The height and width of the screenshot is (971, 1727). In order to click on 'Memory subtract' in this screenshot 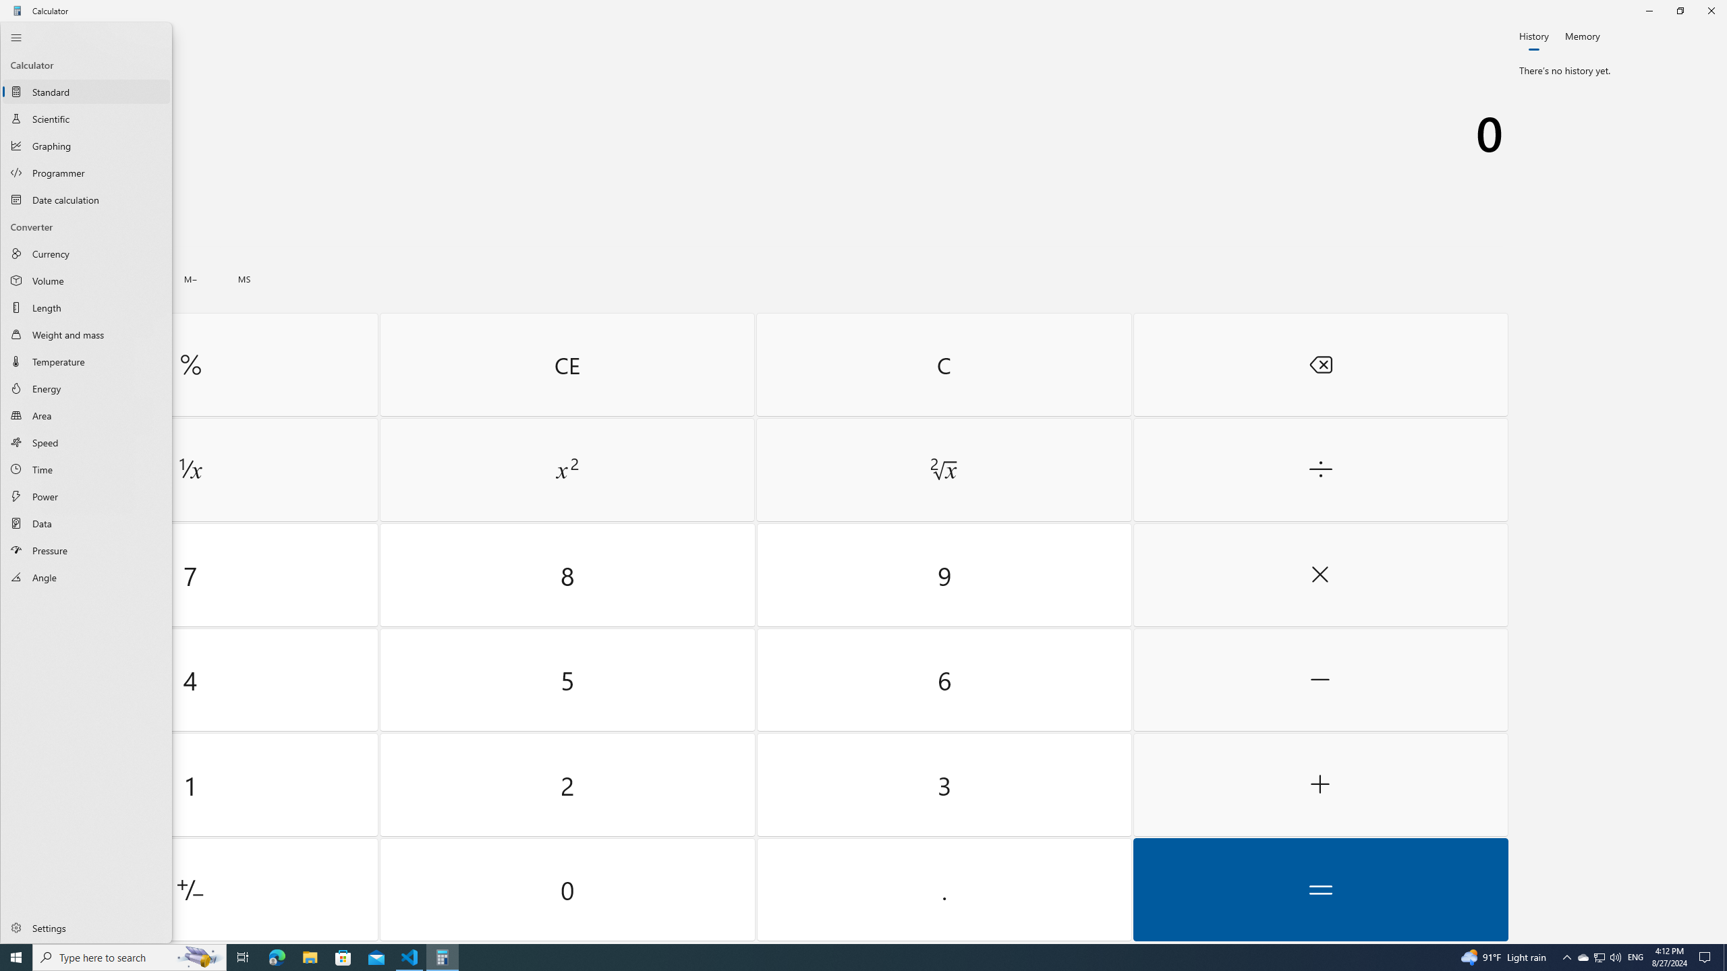, I will do `click(190, 278)`.